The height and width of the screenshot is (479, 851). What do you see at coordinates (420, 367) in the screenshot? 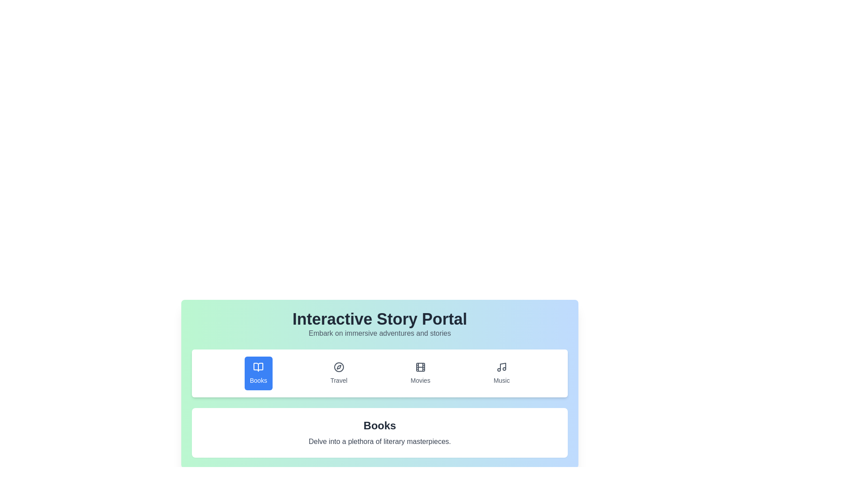
I see `the 'Movies' interactive button, which is represented by a film reel icon located third in a horizontal row between the 'Travel' and 'Music' buttons` at bounding box center [420, 367].